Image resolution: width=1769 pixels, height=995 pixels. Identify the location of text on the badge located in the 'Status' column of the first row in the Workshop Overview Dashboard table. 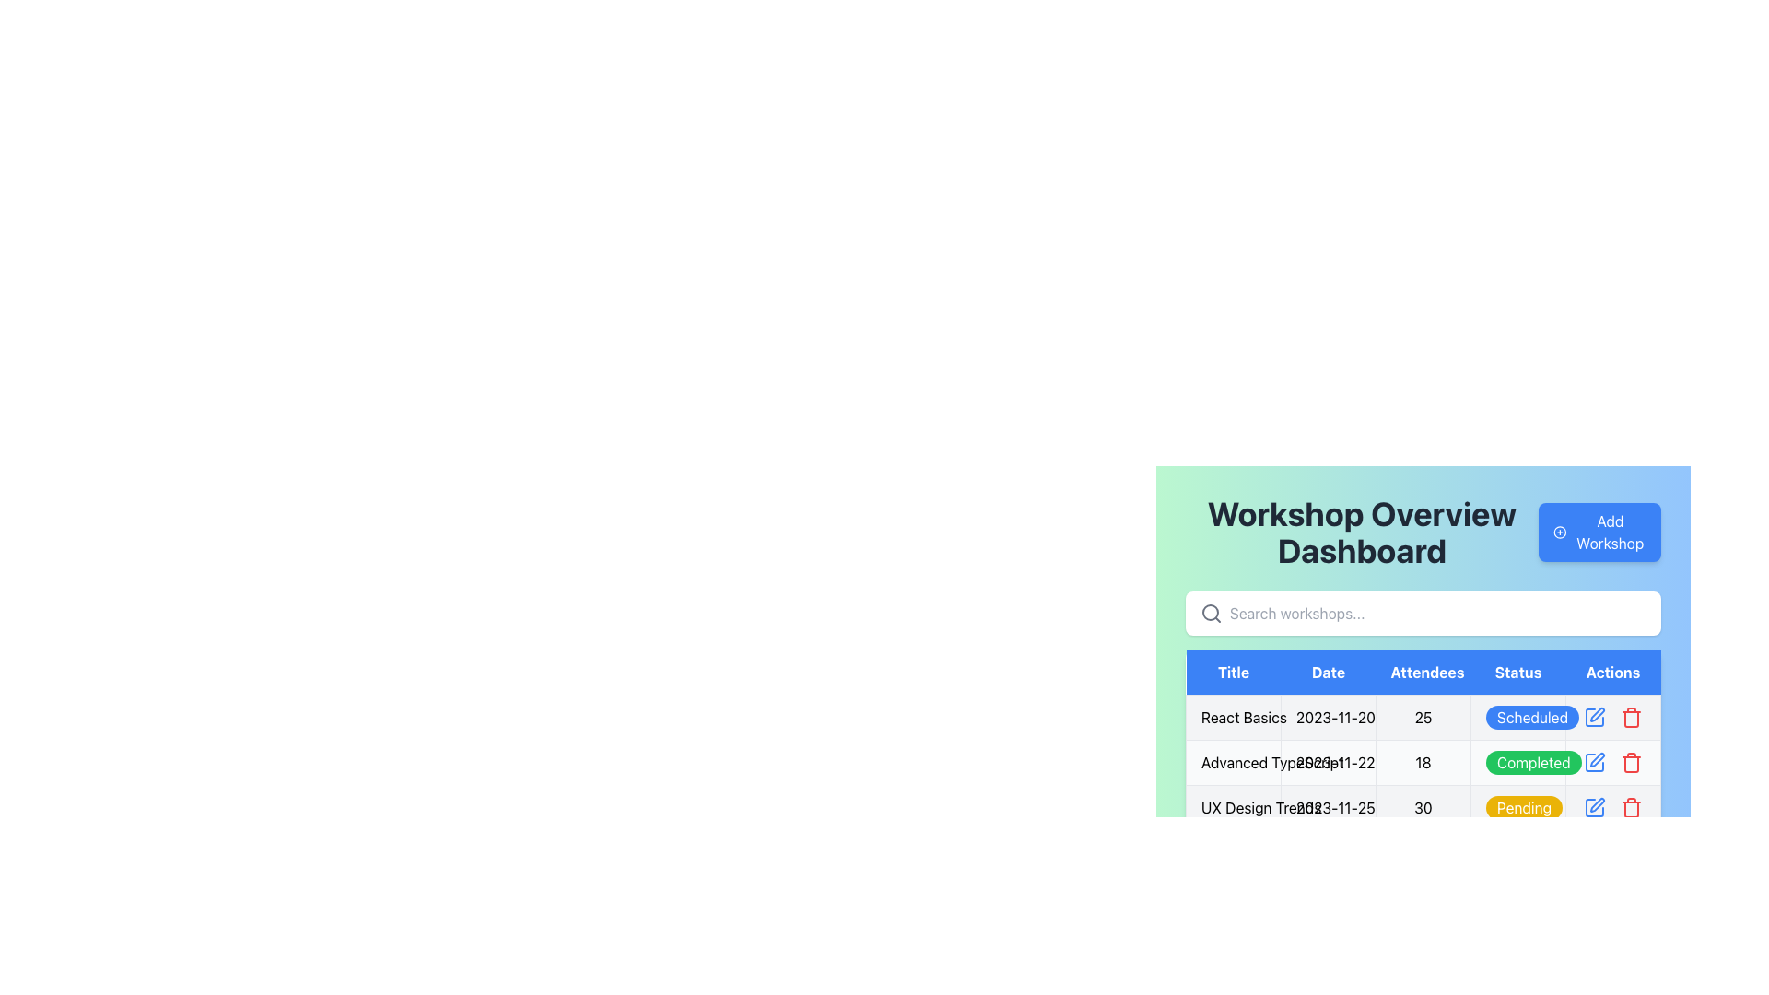
(1532, 717).